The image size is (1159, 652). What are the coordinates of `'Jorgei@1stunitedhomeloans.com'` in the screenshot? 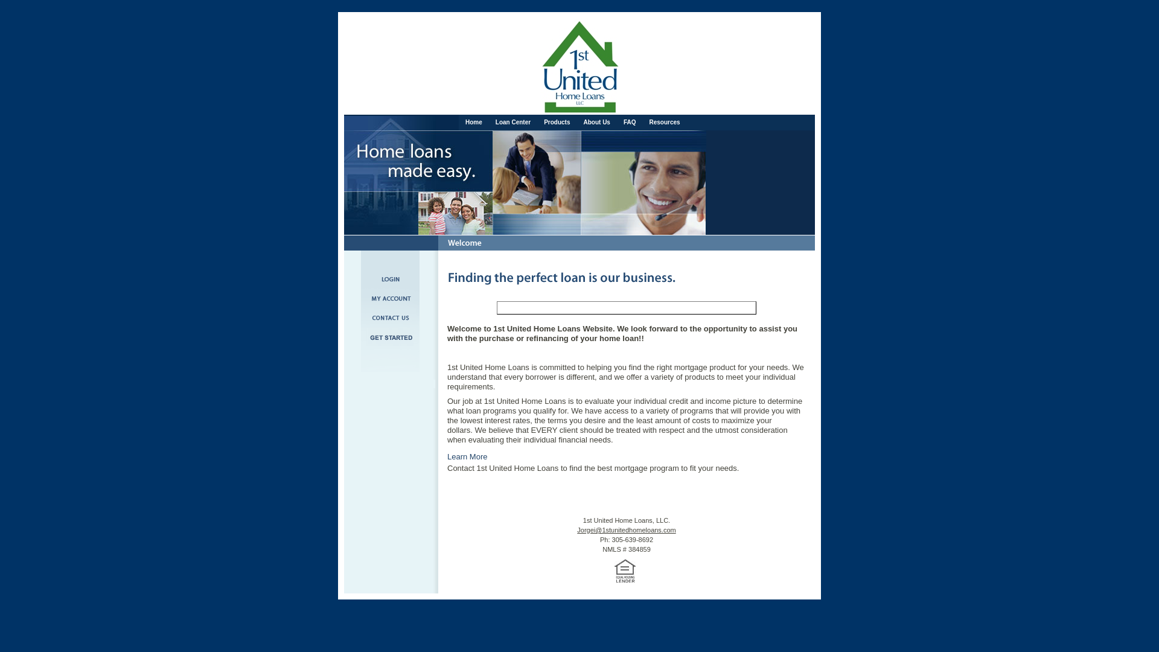 It's located at (626, 529).